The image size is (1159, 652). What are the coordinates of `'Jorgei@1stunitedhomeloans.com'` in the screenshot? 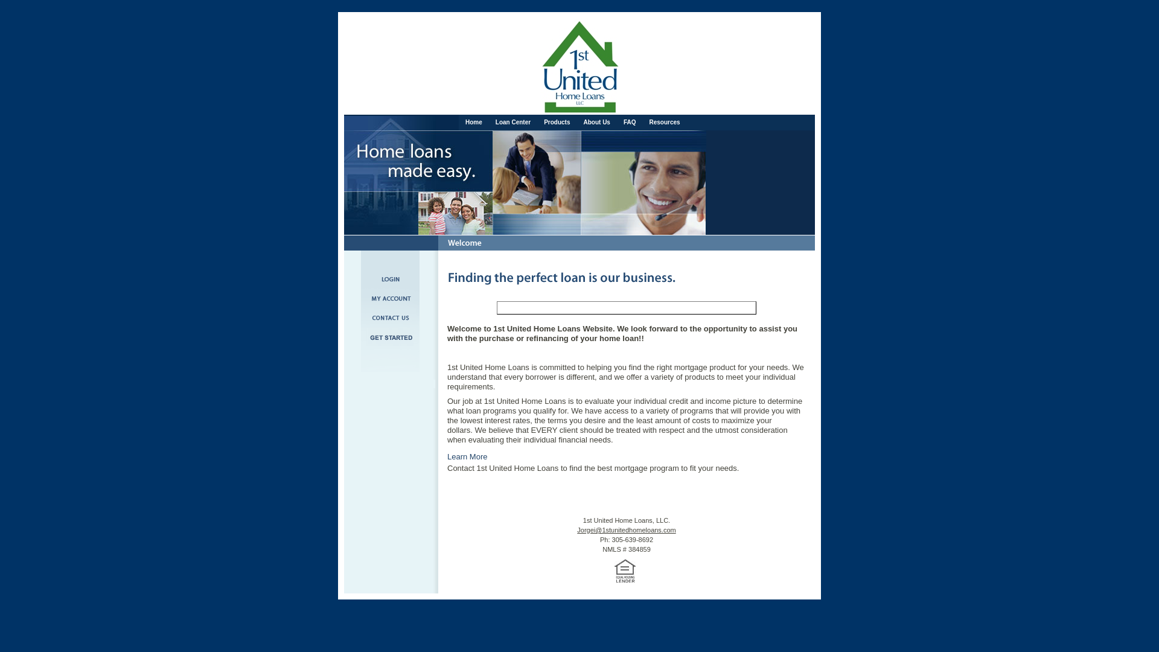 It's located at (626, 529).